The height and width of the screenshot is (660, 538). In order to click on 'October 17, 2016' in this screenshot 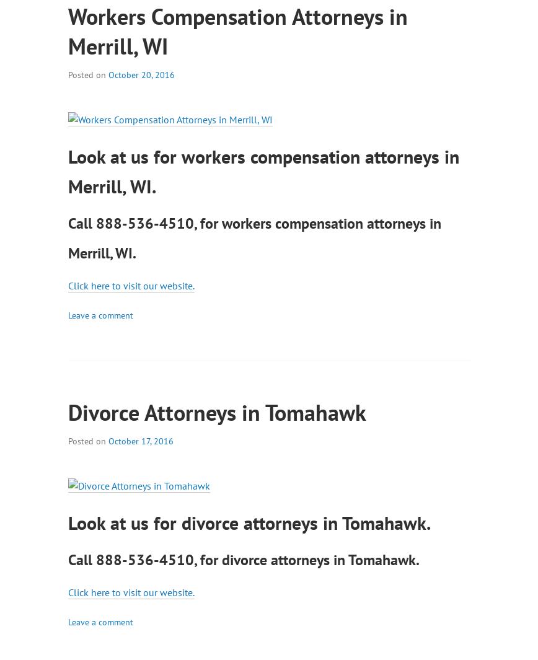, I will do `click(141, 440)`.